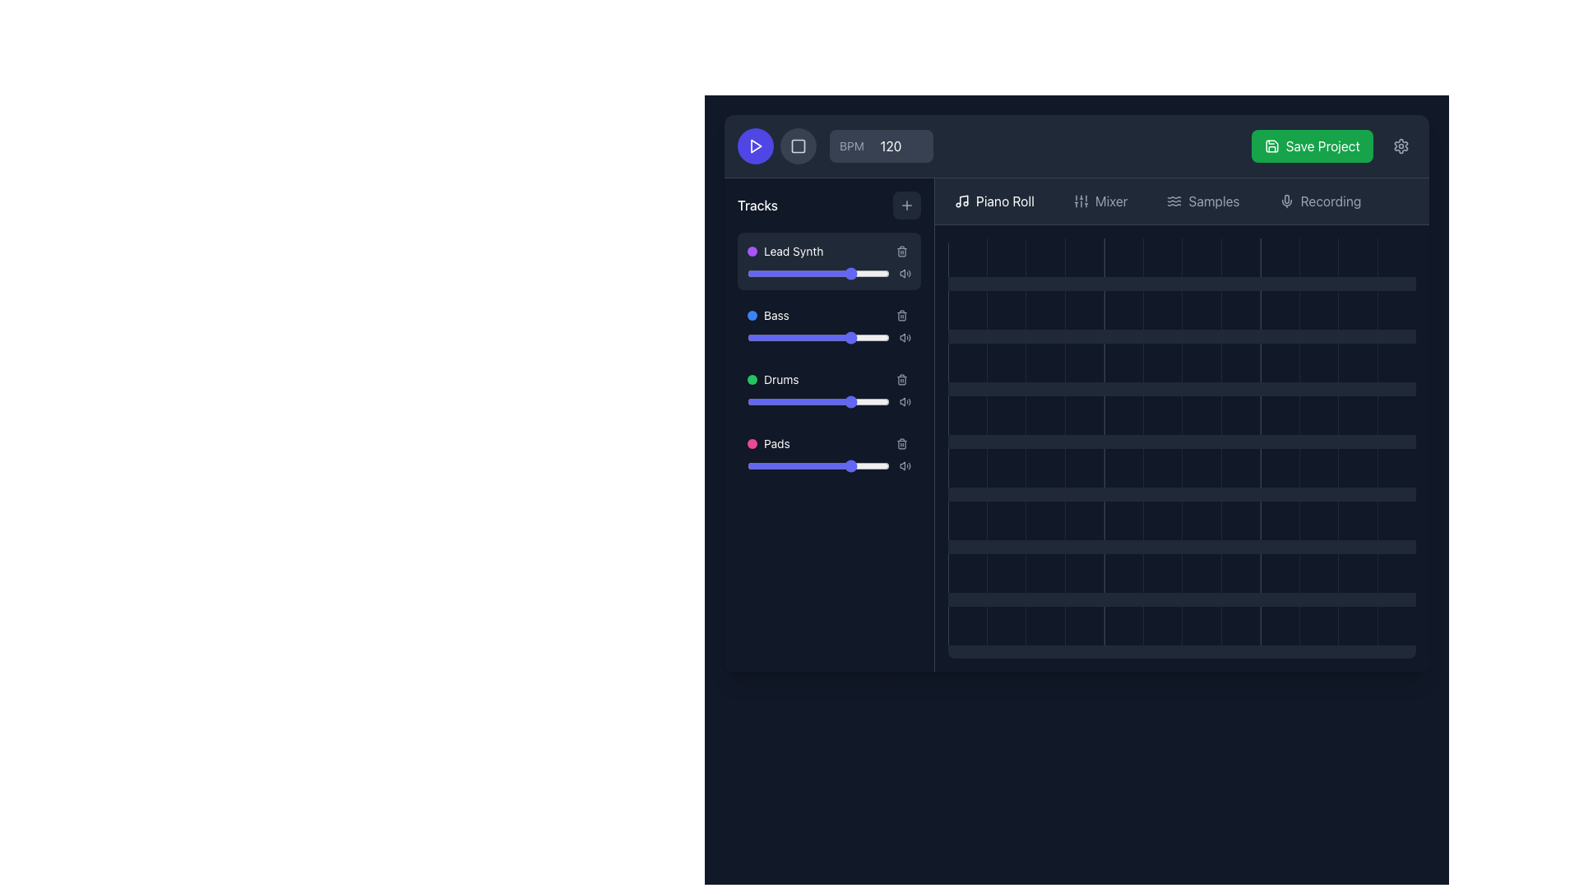 The width and height of the screenshot is (1579, 888). I want to click on the inactive grid cell located in the bottom row and ninth column of the grid interface, so click(1279, 572).